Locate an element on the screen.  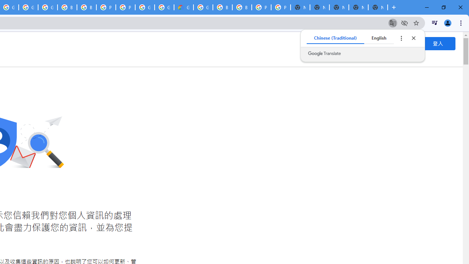
'Translate this page' is located at coordinates (392, 22).